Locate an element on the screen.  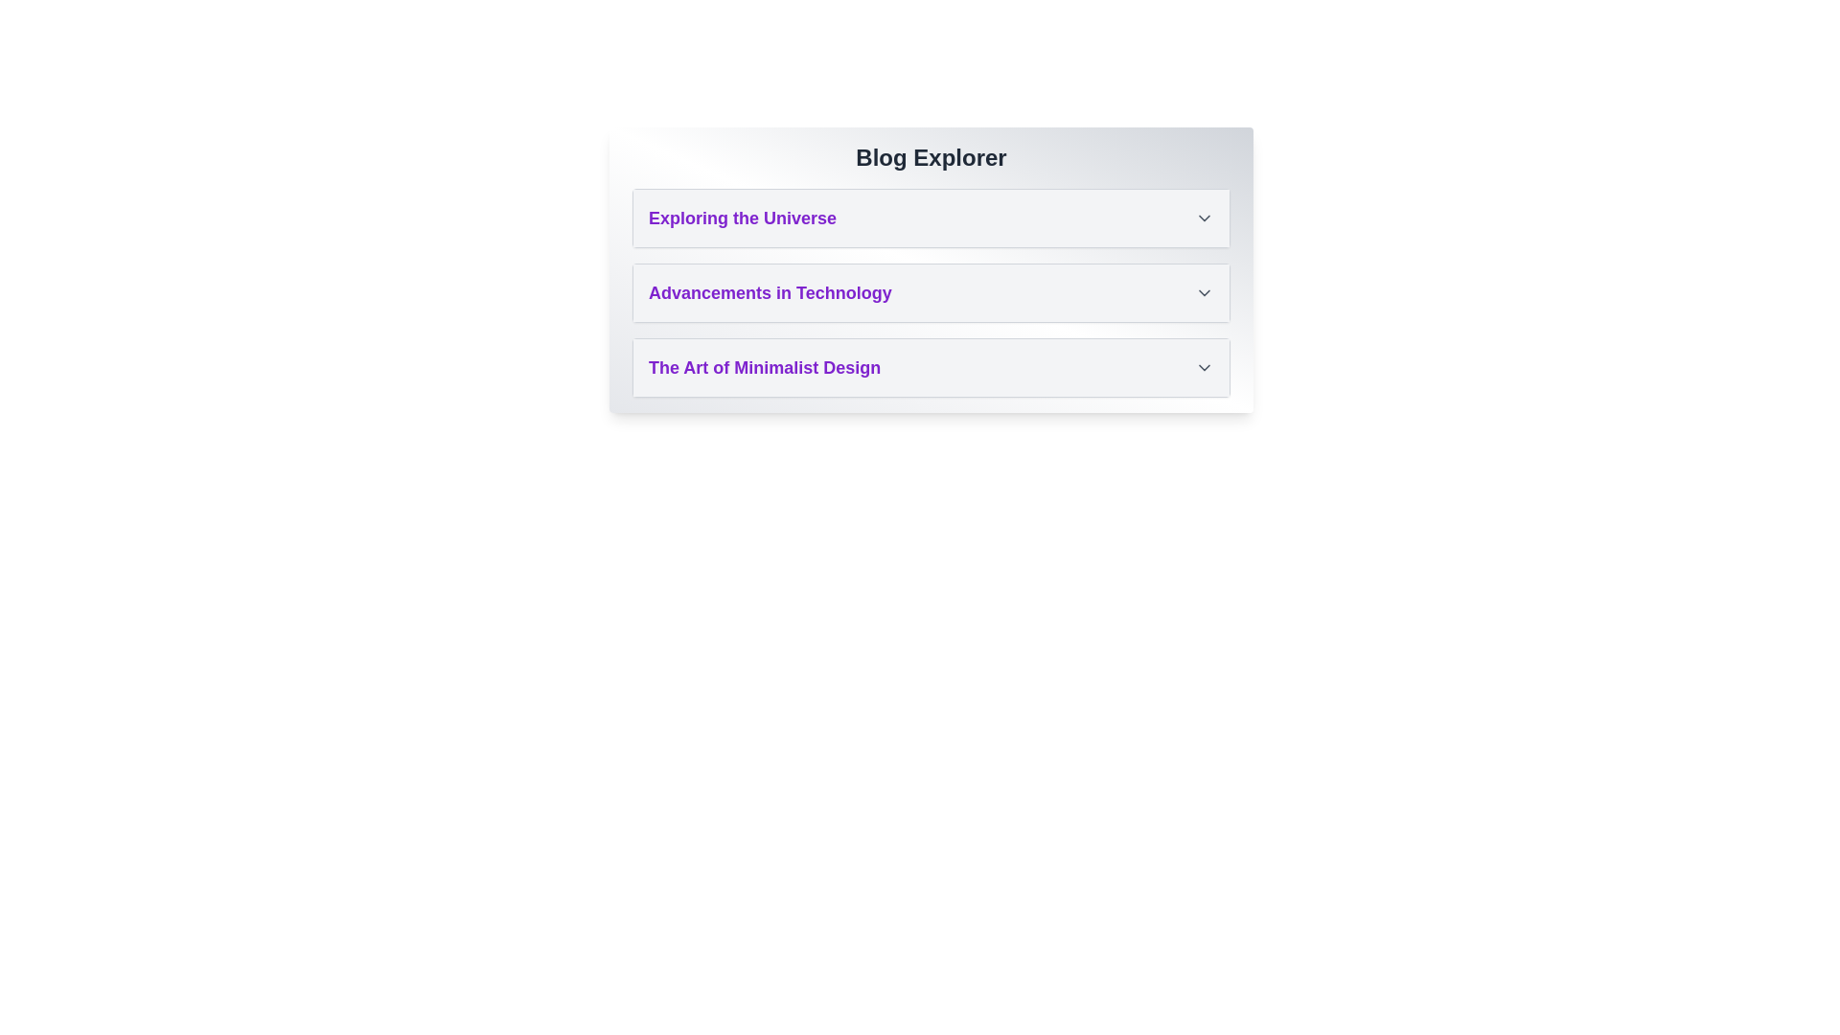
the third item in the 'Blog Explorer' collapsible list, titled 'The Art of Minimalist Design' is located at coordinates (931, 368).